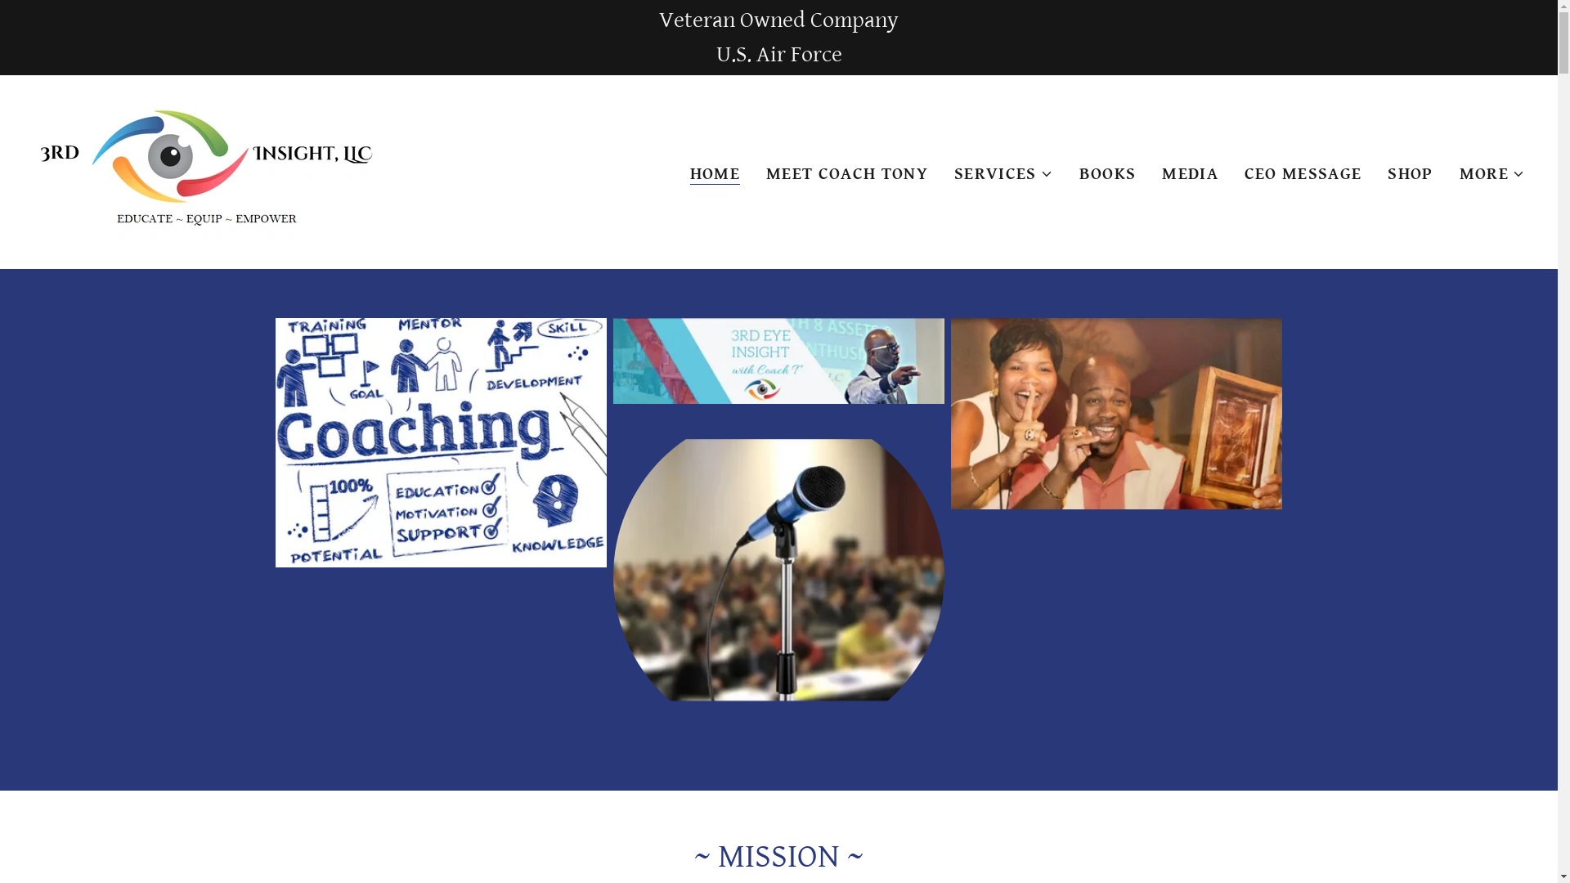 This screenshot has height=883, width=1570. I want to click on 'HOME', so click(690, 174).